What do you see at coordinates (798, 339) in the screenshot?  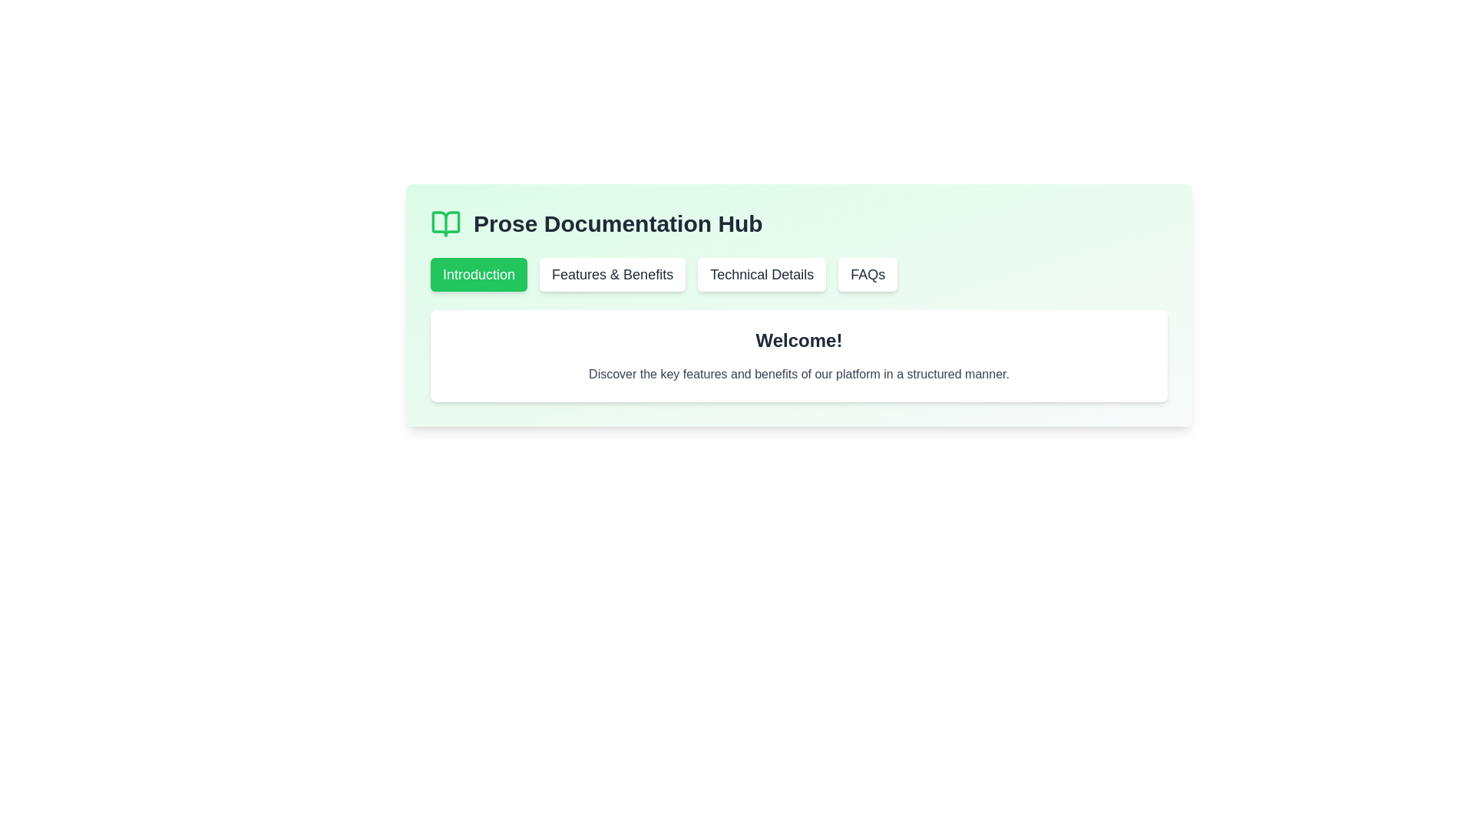 I see `text of the welcoming Heading that greets users upon accessing the platform, positioned above a sibling containing descriptive text` at bounding box center [798, 339].